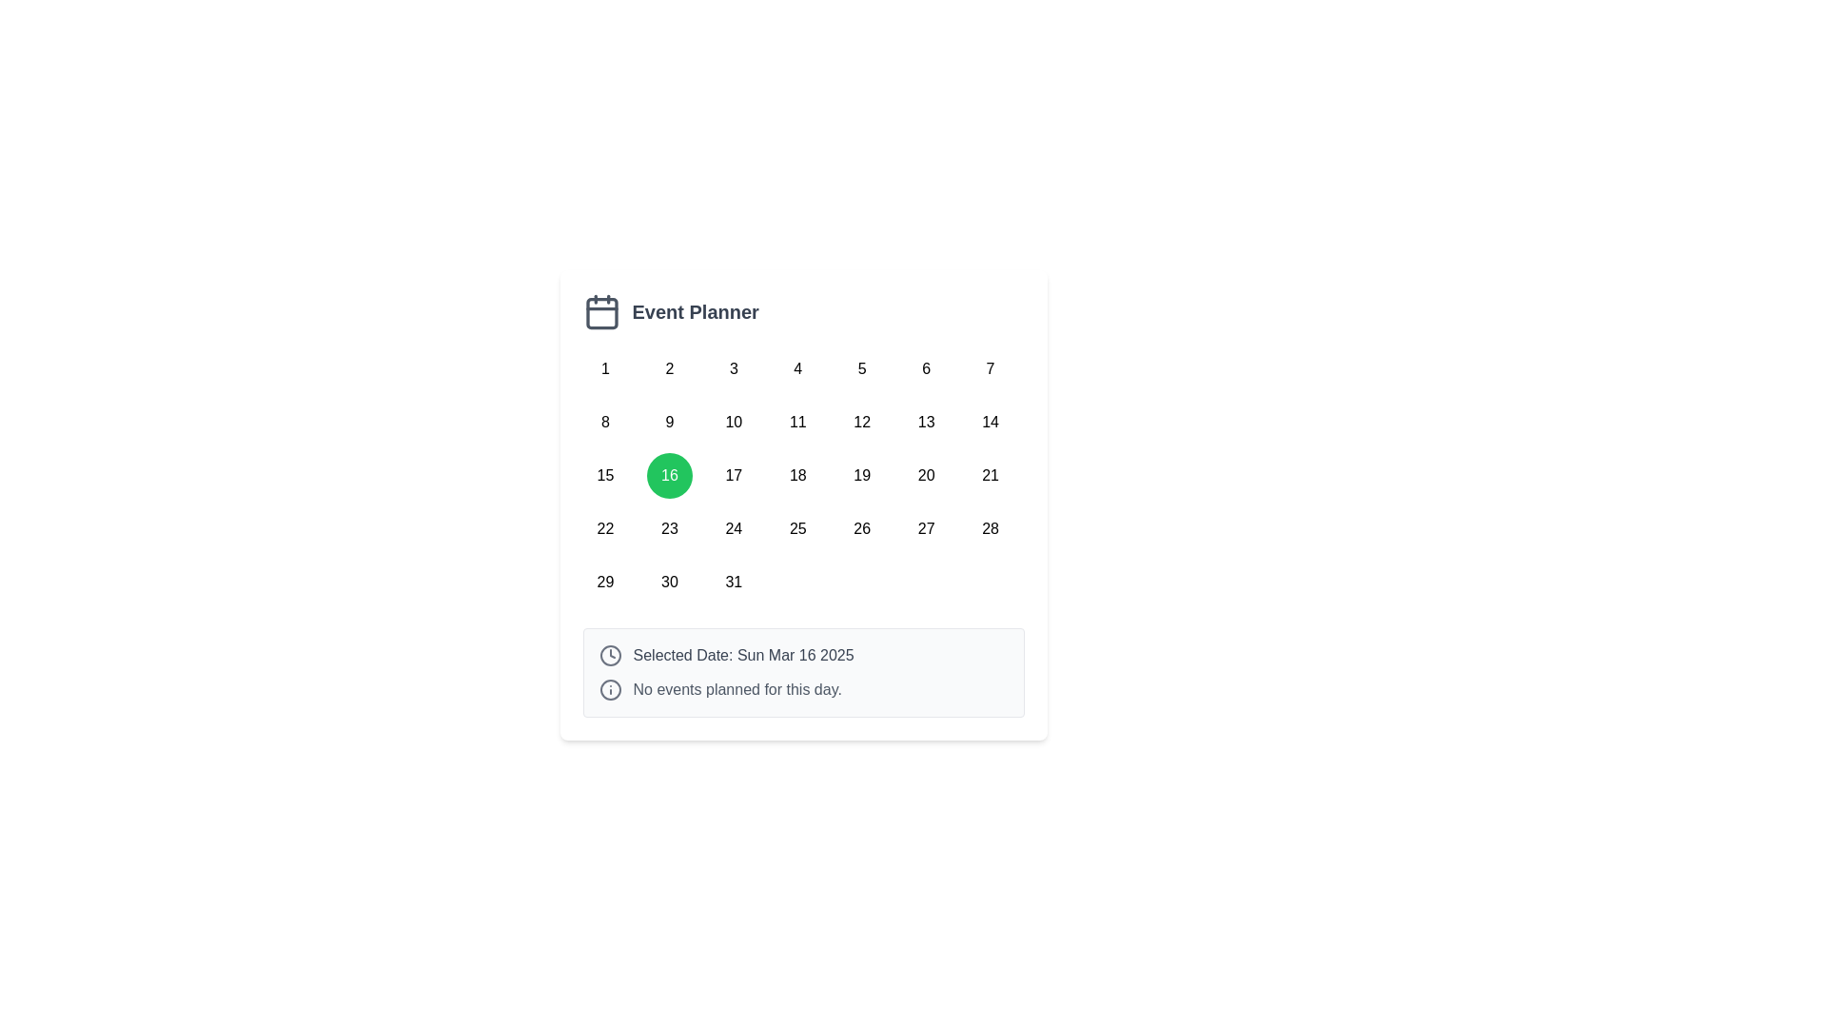  I want to click on the day selector button for the calendar located in the second row and third column, so click(733, 421).